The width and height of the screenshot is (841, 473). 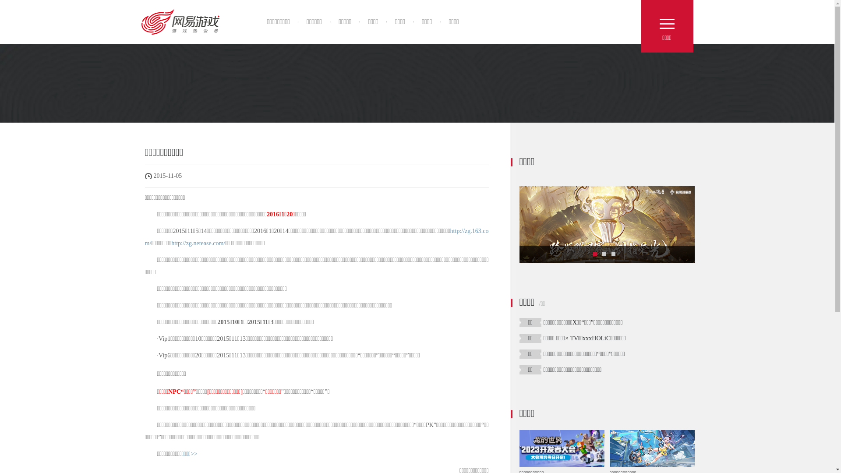 I want to click on 'http://zg.netease.com/', so click(x=198, y=243).